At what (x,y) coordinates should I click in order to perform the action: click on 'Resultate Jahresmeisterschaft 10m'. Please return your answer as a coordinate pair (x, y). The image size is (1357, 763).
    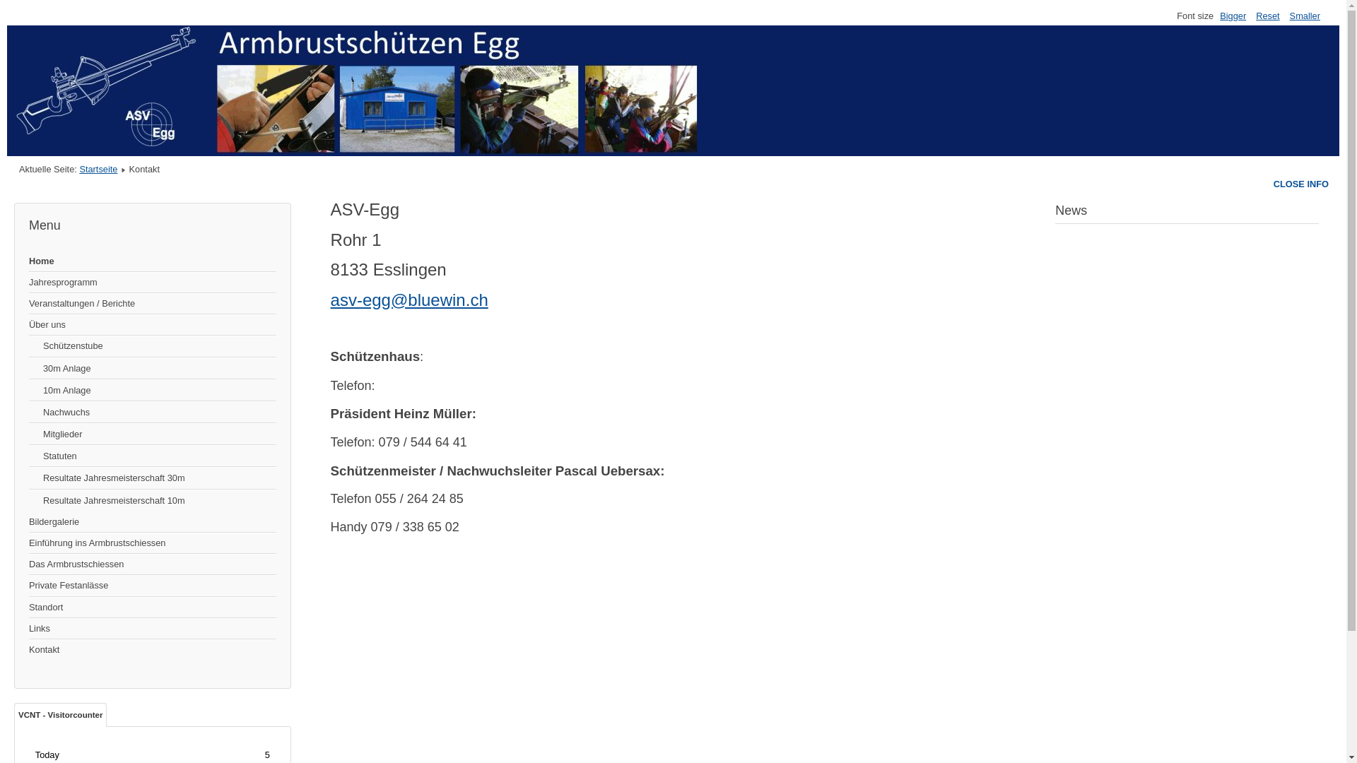
    Looking at the image, I should click on (153, 499).